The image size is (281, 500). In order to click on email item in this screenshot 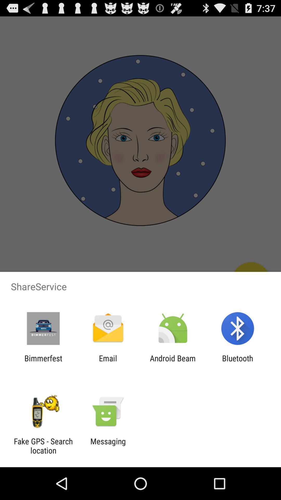, I will do `click(108, 362)`.